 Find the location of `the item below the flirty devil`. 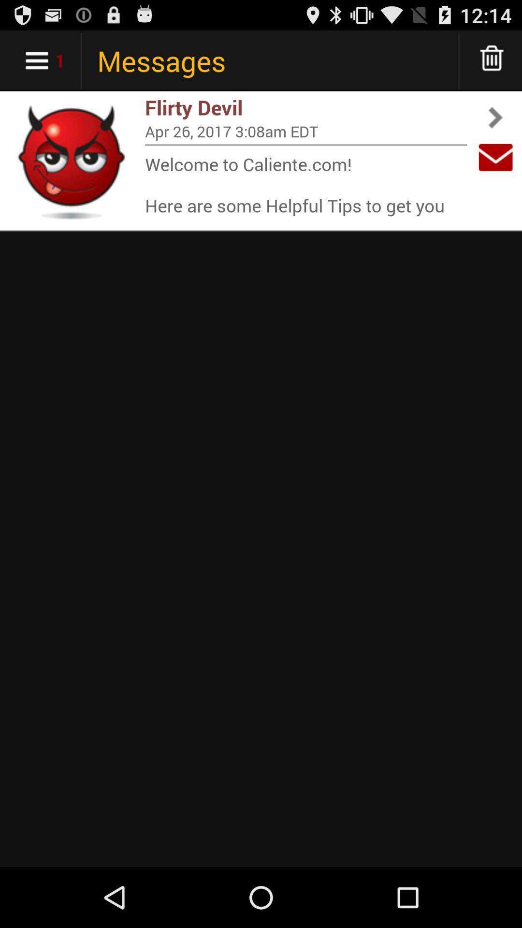

the item below the flirty devil is located at coordinates (305, 130).